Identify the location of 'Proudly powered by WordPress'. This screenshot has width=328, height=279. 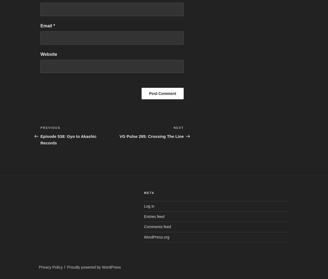
(93, 267).